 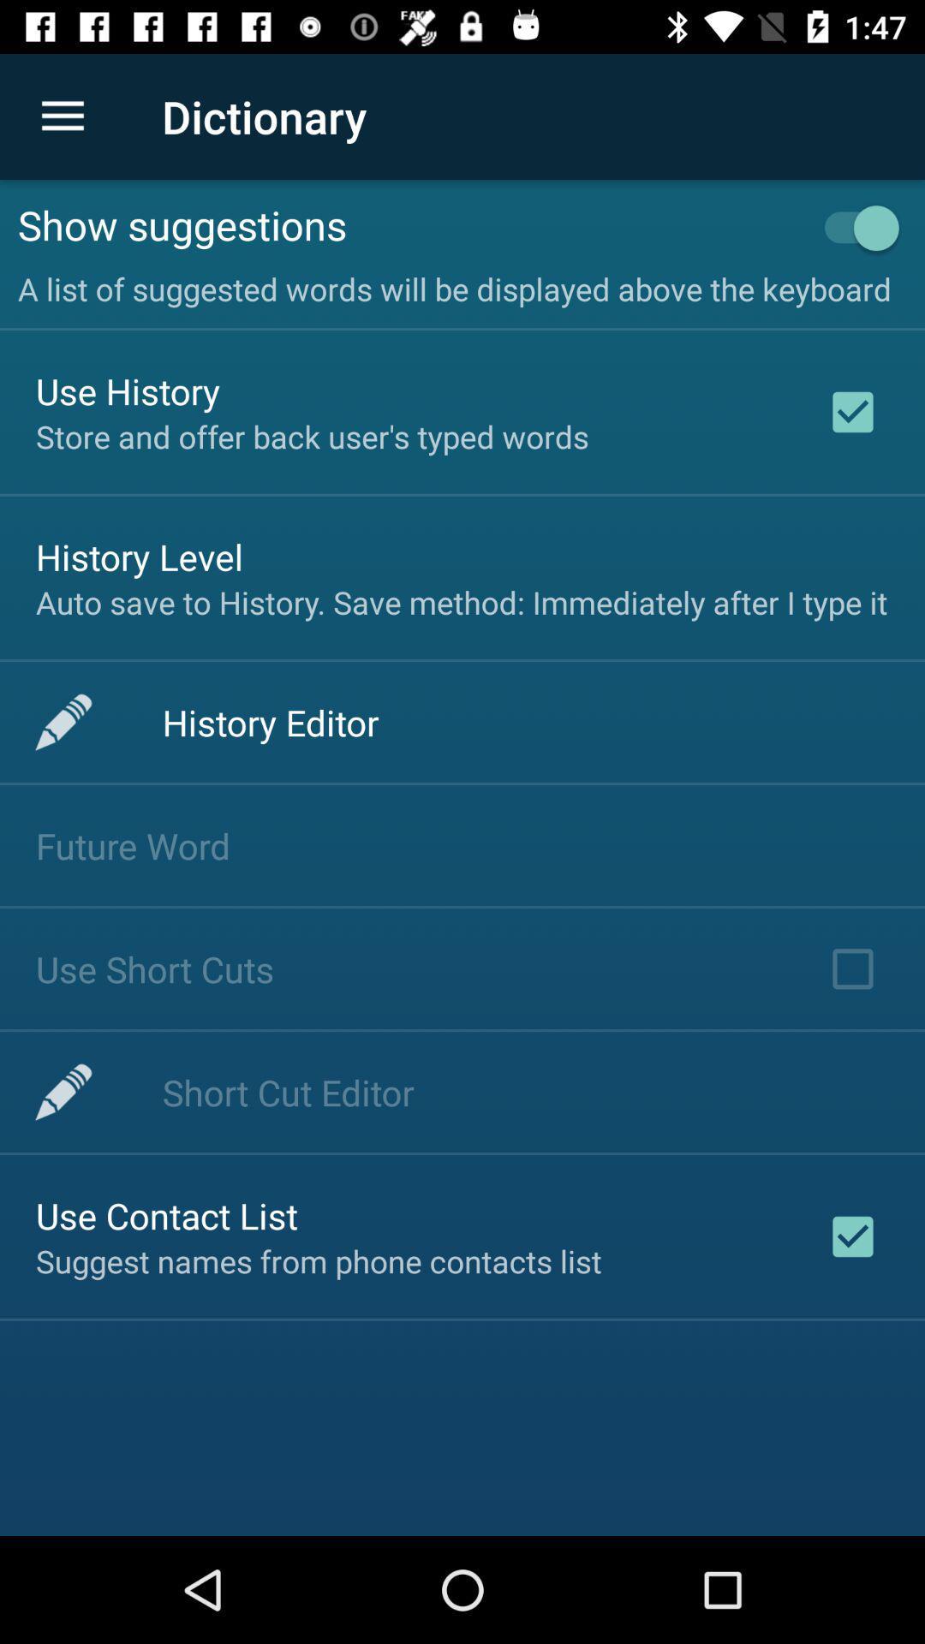 What do you see at coordinates (287, 1091) in the screenshot?
I see `the item above use contact list icon` at bounding box center [287, 1091].